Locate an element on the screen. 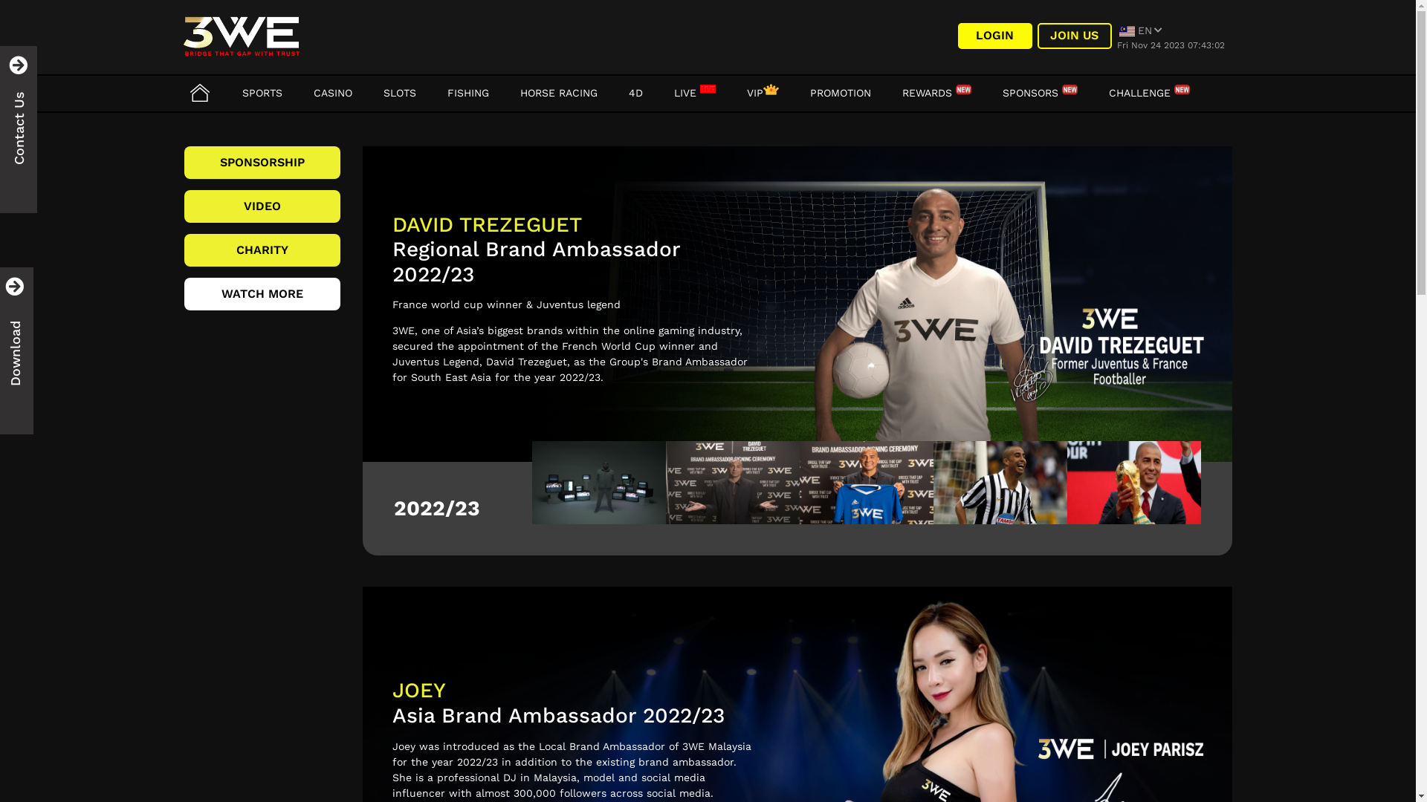 This screenshot has width=1427, height=802. '4D' is located at coordinates (628, 92).